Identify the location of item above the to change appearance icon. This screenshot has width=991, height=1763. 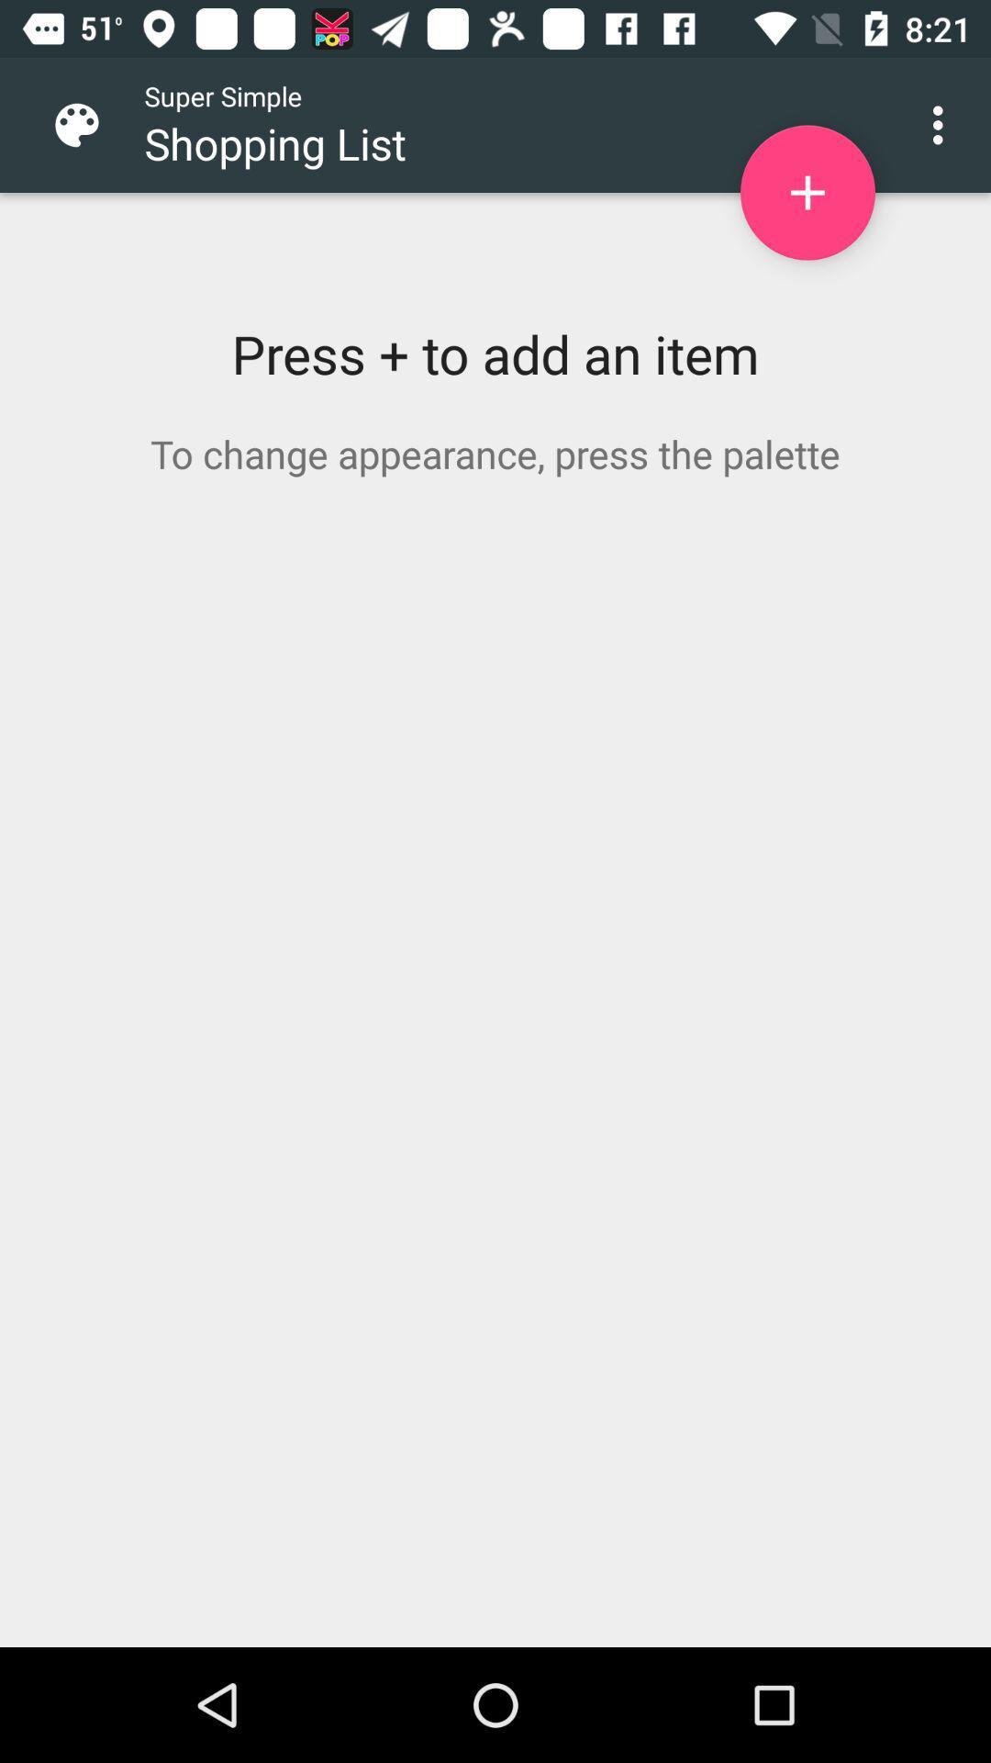
(807, 193).